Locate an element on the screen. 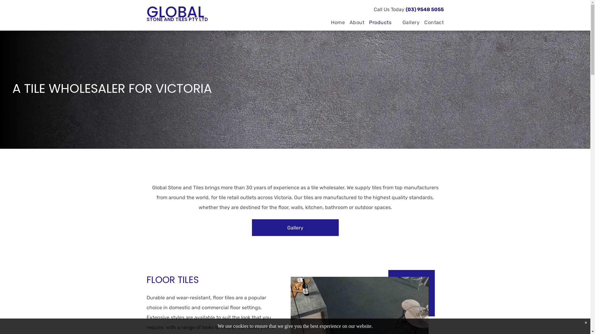 Image resolution: width=595 pixels, height=334 pixels. 'Contact' is located at coordinates (431, 22).